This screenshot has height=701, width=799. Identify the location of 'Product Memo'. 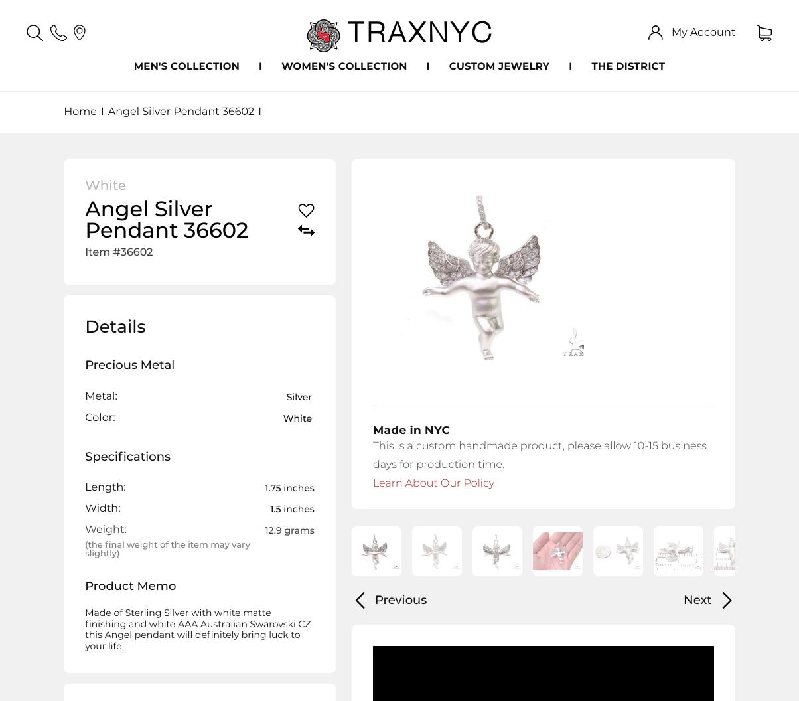
(130, 585).